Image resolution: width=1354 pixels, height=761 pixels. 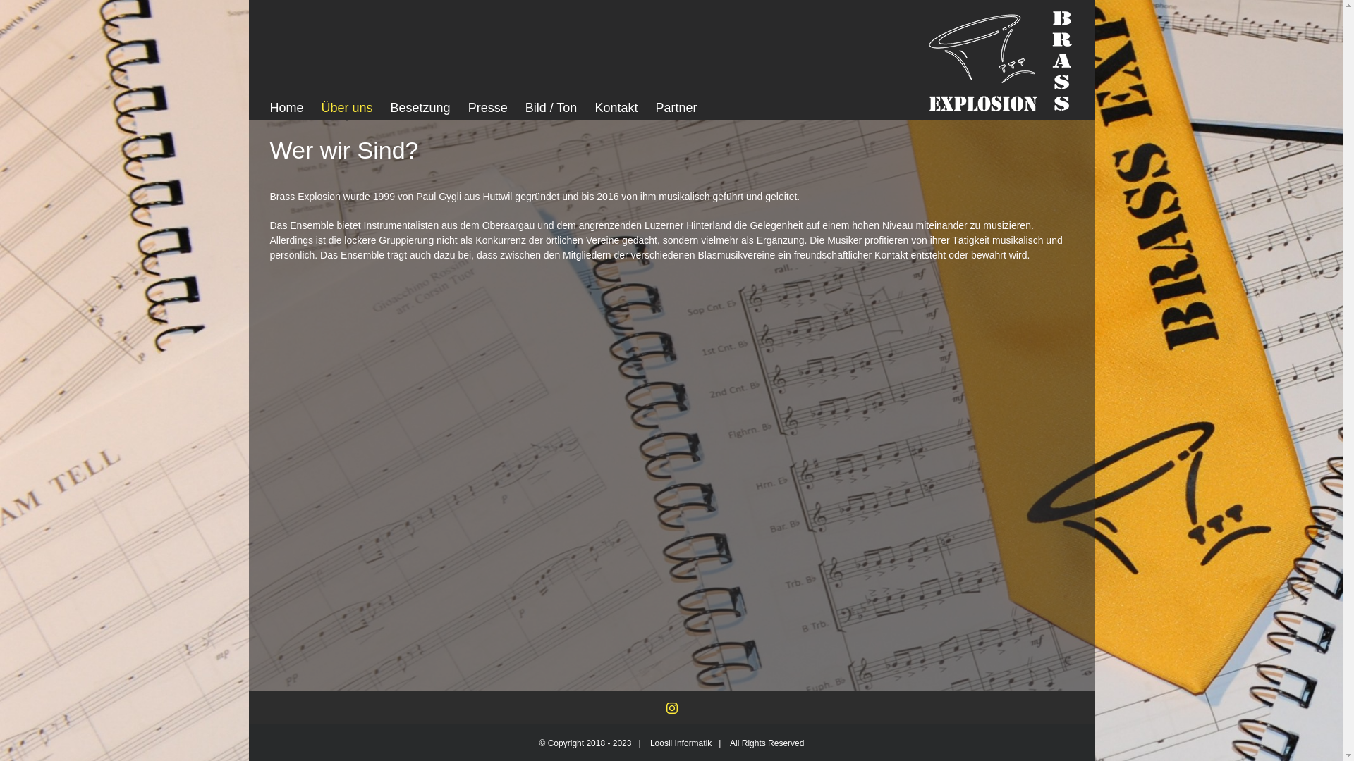 What do you see at coordinates (681, 743) in the screenshot?
I see `'Loosli Informatik'` at bounding box center [681, 743].